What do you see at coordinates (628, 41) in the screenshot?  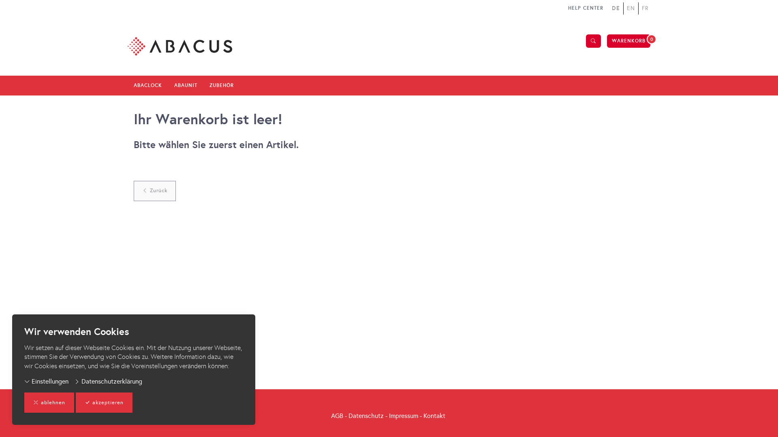 I see `'WARENKORB'` at bounding box center [628, 41].